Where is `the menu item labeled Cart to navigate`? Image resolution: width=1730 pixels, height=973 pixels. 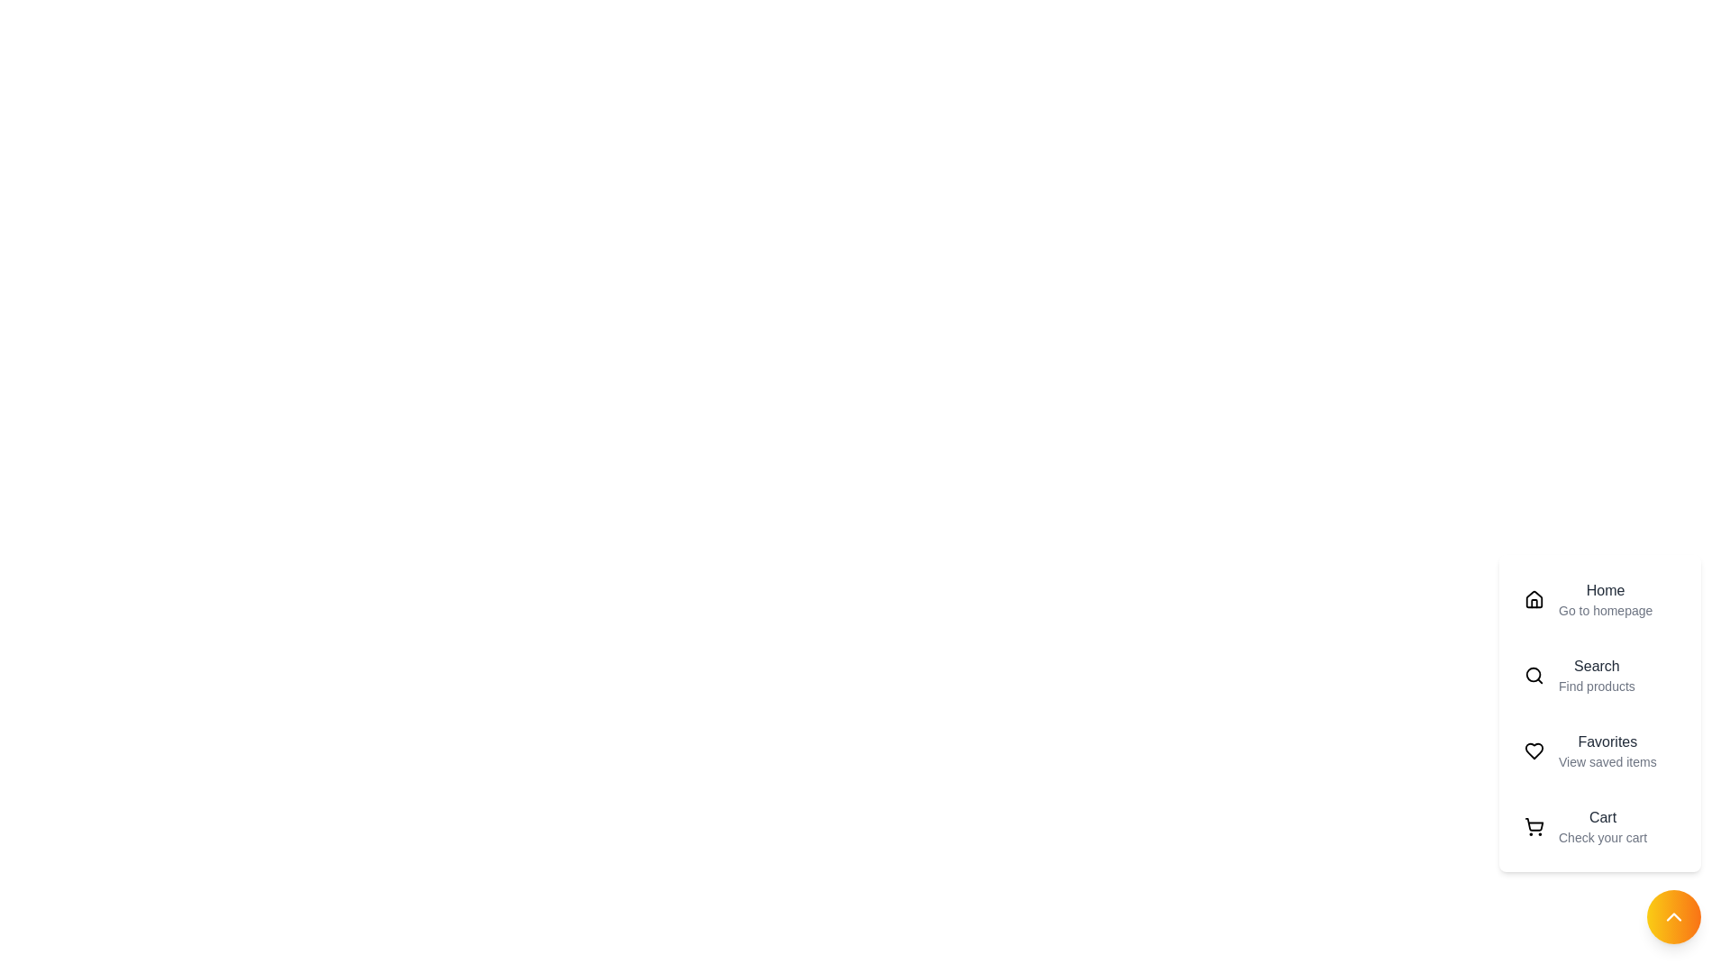
the menu item labeled Cart to navigate is located at coordinates (1600, 827).